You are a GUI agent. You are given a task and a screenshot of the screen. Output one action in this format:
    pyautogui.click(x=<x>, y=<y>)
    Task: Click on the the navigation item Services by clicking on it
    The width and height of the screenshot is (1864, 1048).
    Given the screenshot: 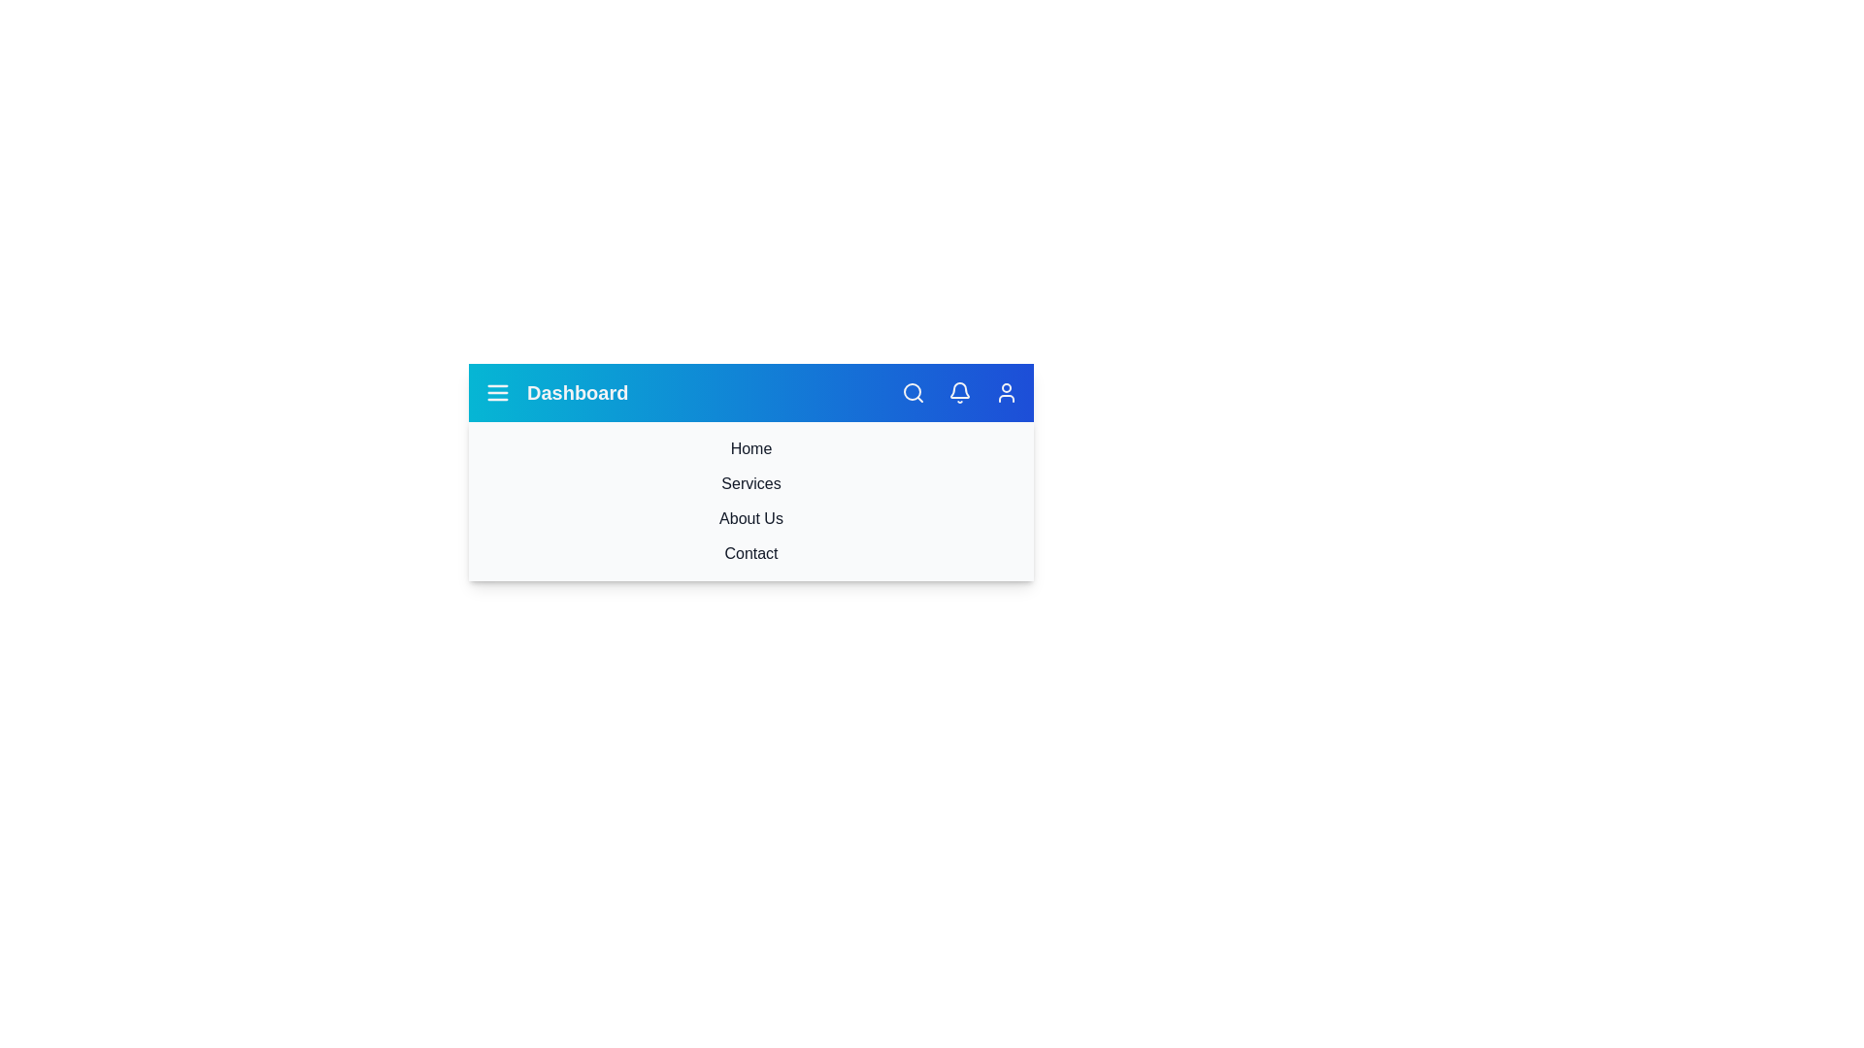 What is the action you would take?
    pyautogui.click(x=749, y=482)
    